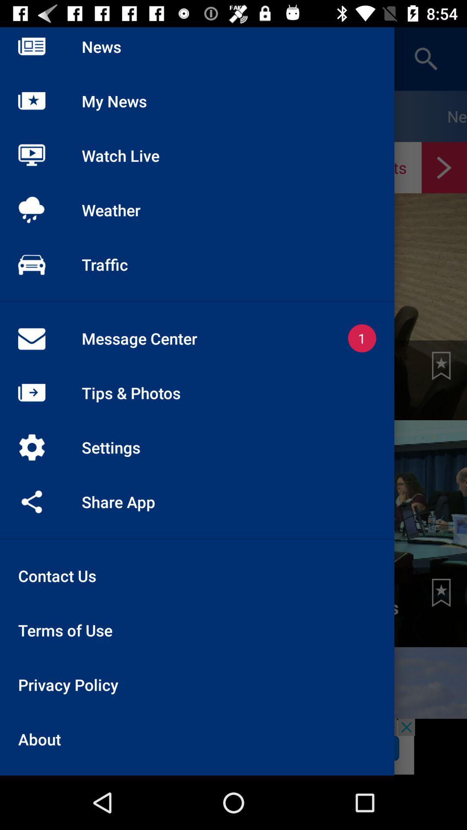 The width and height of the screenshot is (467, 830). What do you see at coordinates (425, 58) in the screenshot?
I see `the search icon` at bounding box center [425, 58].